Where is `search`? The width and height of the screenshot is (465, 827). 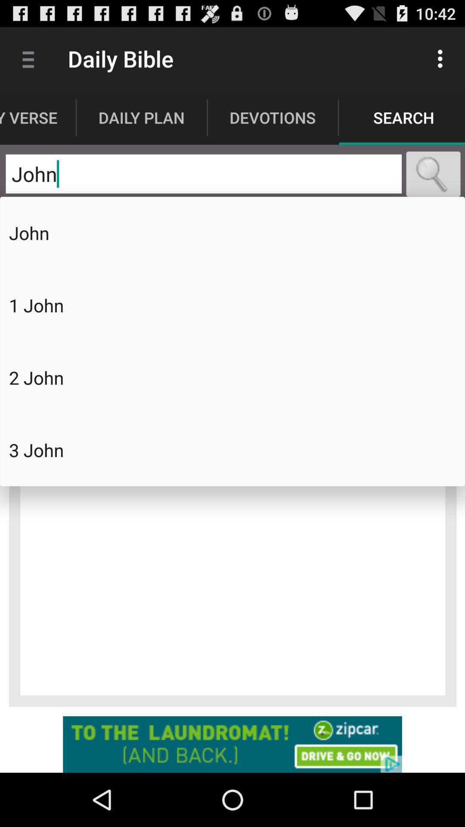 search is located at coordinates (433, 174).